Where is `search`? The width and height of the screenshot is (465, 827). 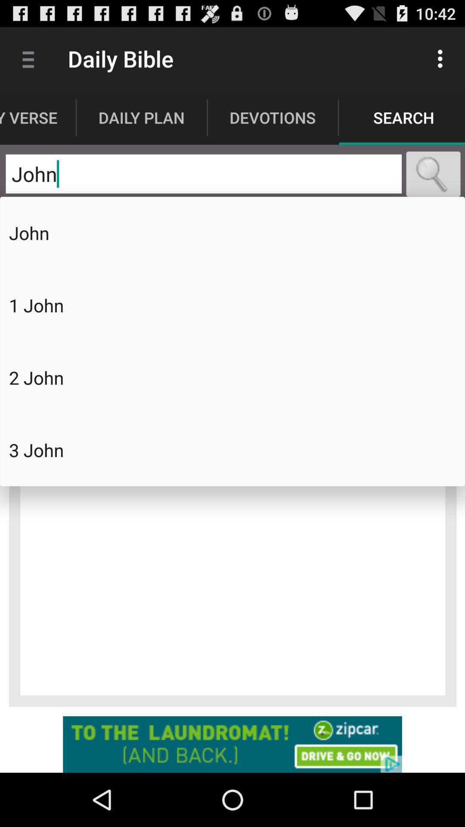 search is located at coordinates (433, 174).